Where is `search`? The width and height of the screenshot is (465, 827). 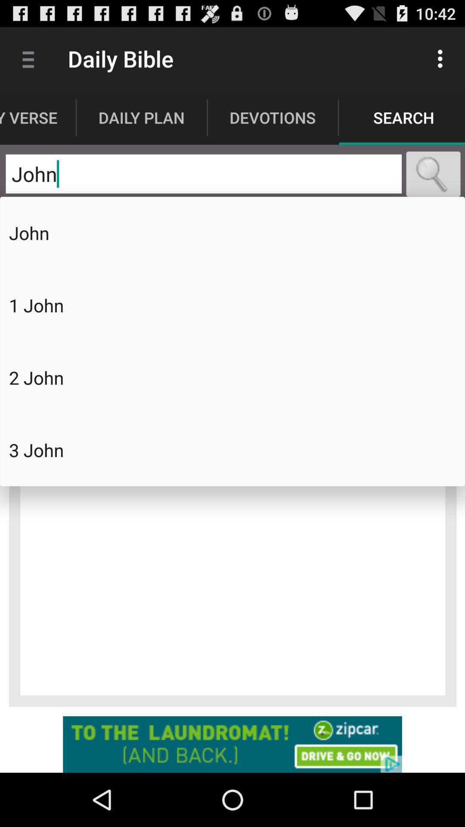 search is located at coordinates (433, 174).